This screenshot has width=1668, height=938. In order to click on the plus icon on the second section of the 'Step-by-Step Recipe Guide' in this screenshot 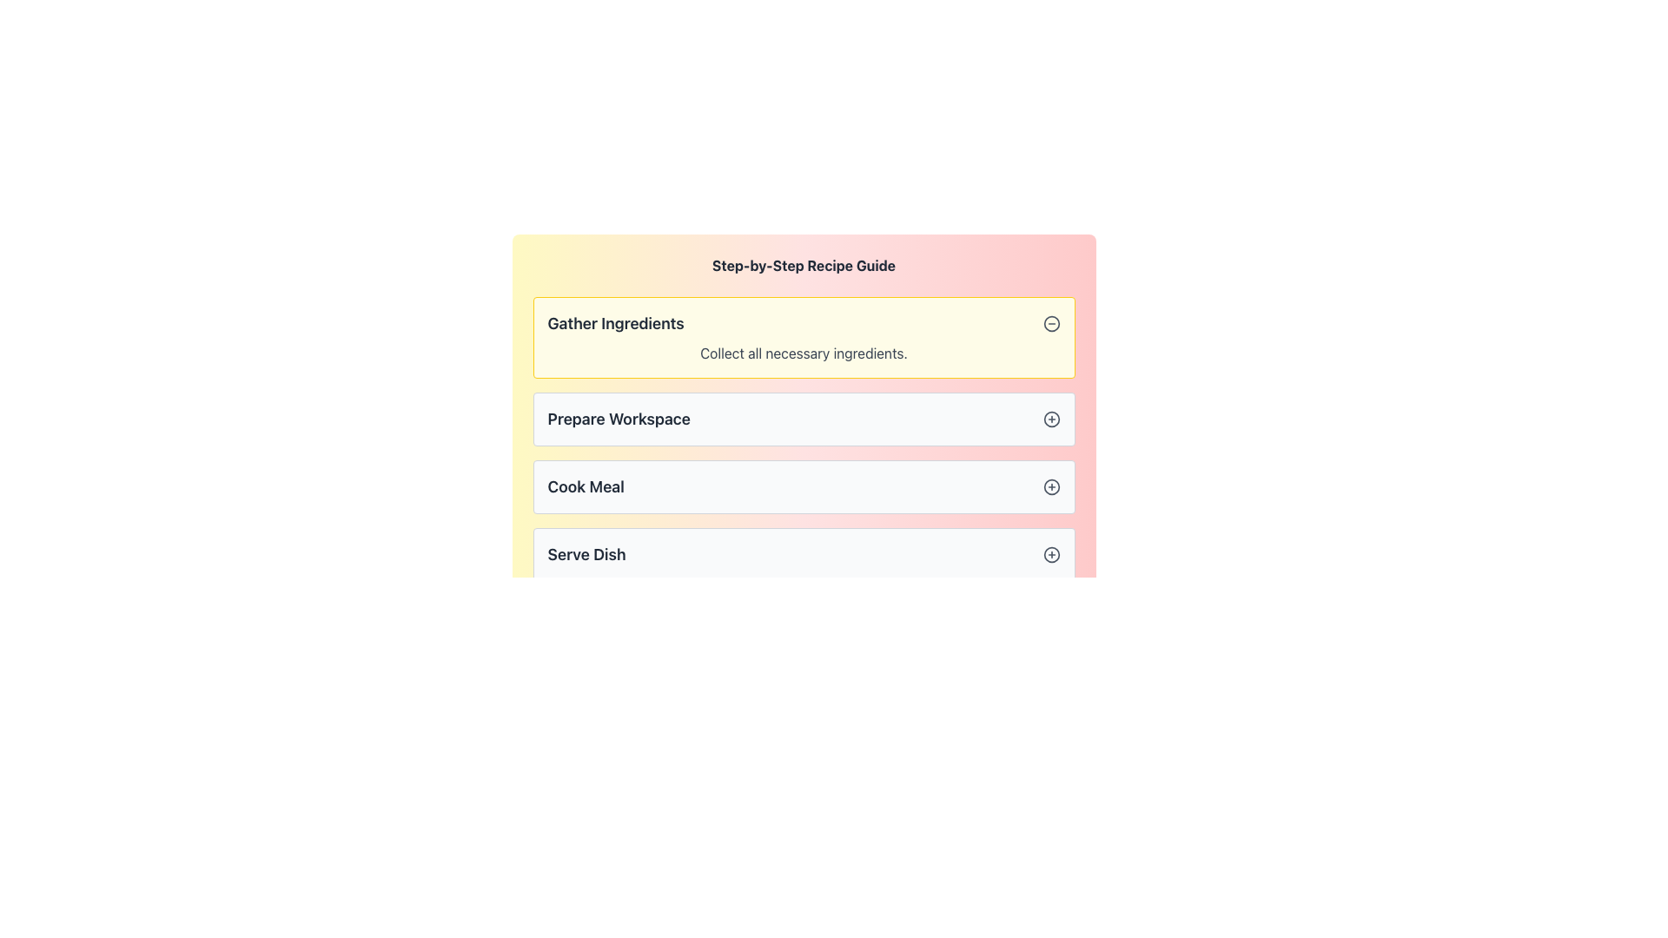, I will do `click(803, 438)`.